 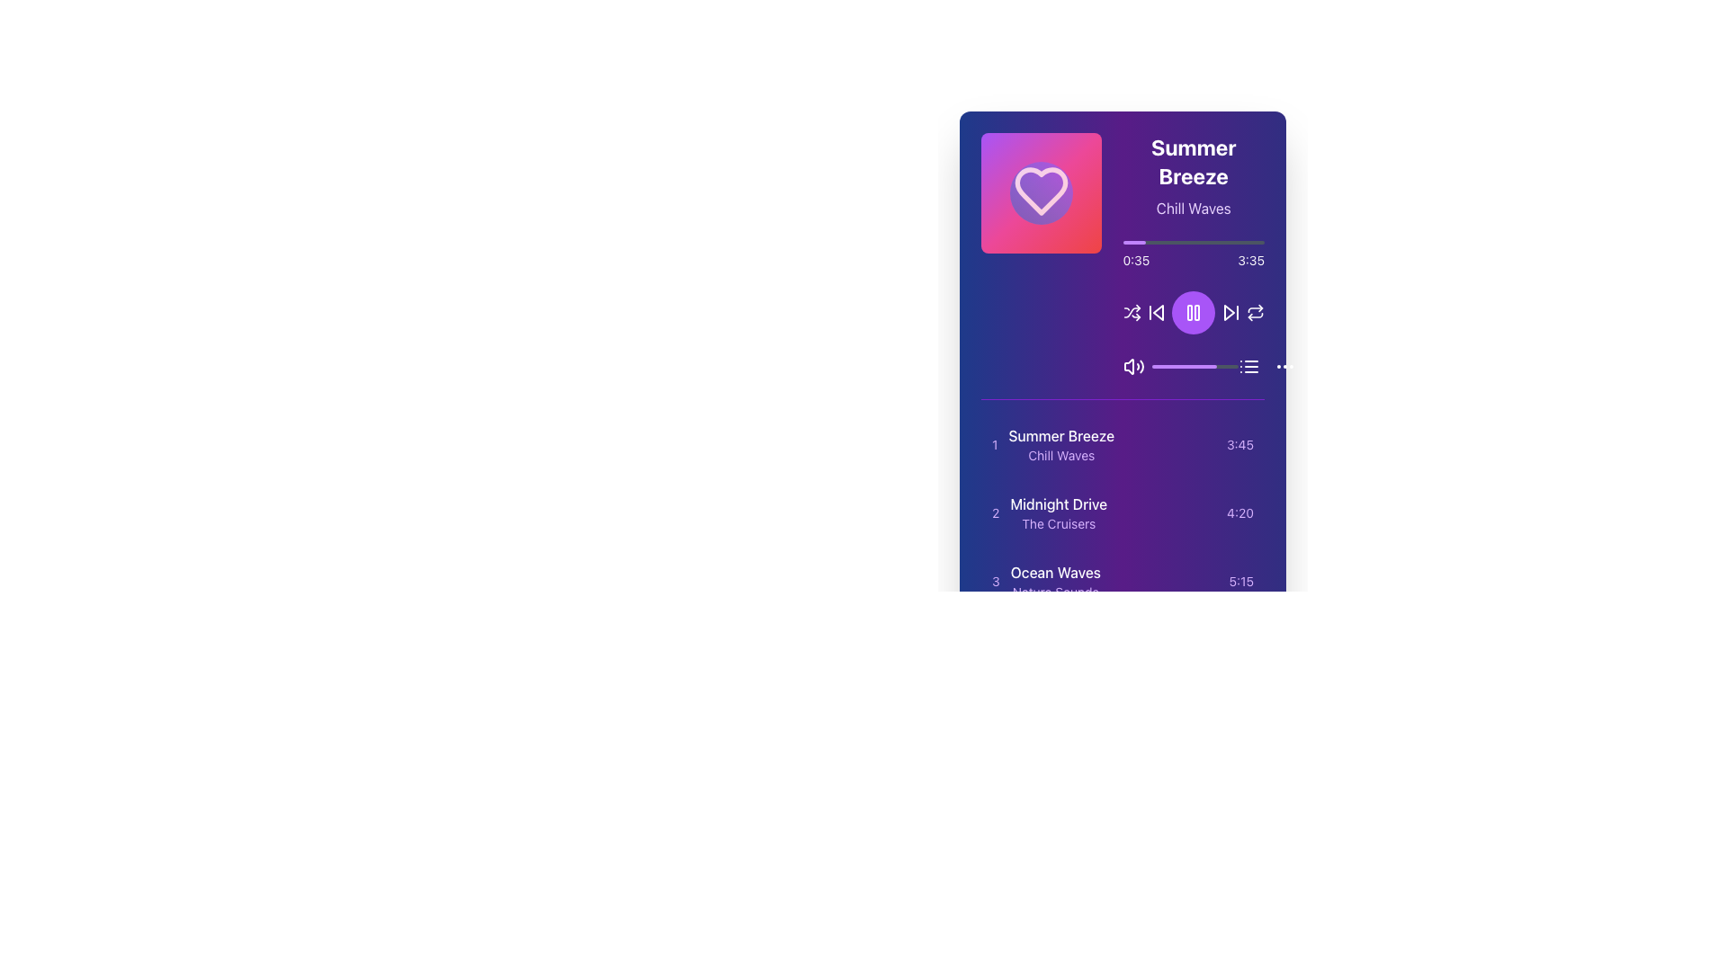 I want to click on the playback pause button located directly below the playback time indicator on the digital player interface, so click(x=1194, y=311).